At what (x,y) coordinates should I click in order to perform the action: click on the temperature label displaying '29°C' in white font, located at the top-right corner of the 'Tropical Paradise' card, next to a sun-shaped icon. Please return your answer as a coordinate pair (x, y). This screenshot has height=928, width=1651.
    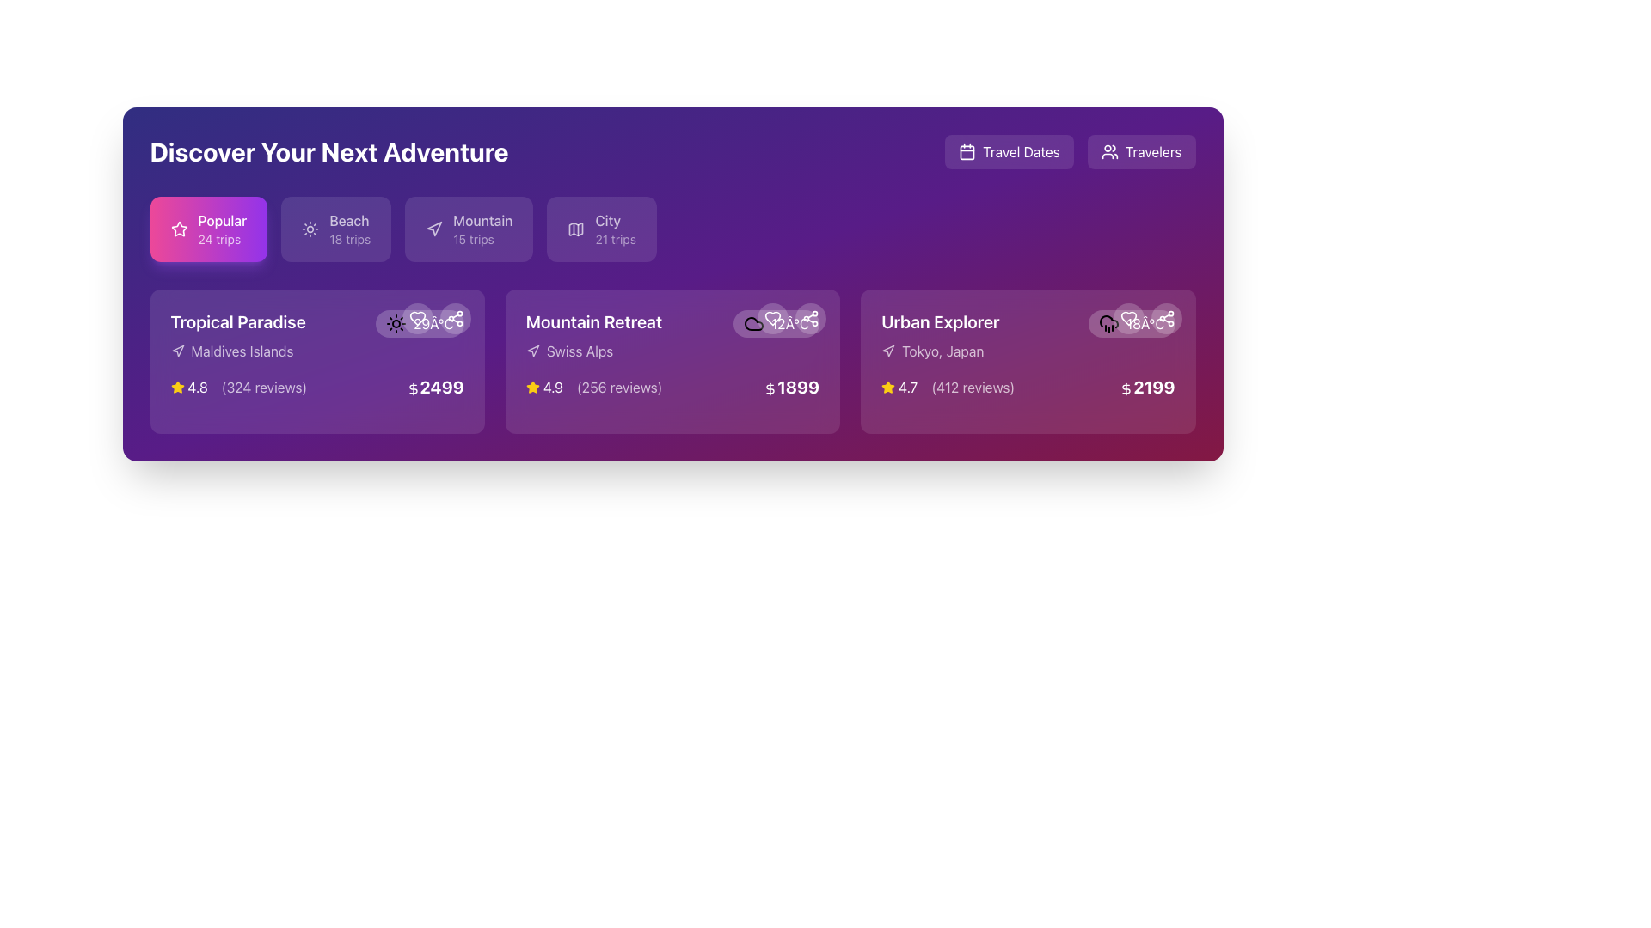
    Looking at the image, I should click on (433, 324).